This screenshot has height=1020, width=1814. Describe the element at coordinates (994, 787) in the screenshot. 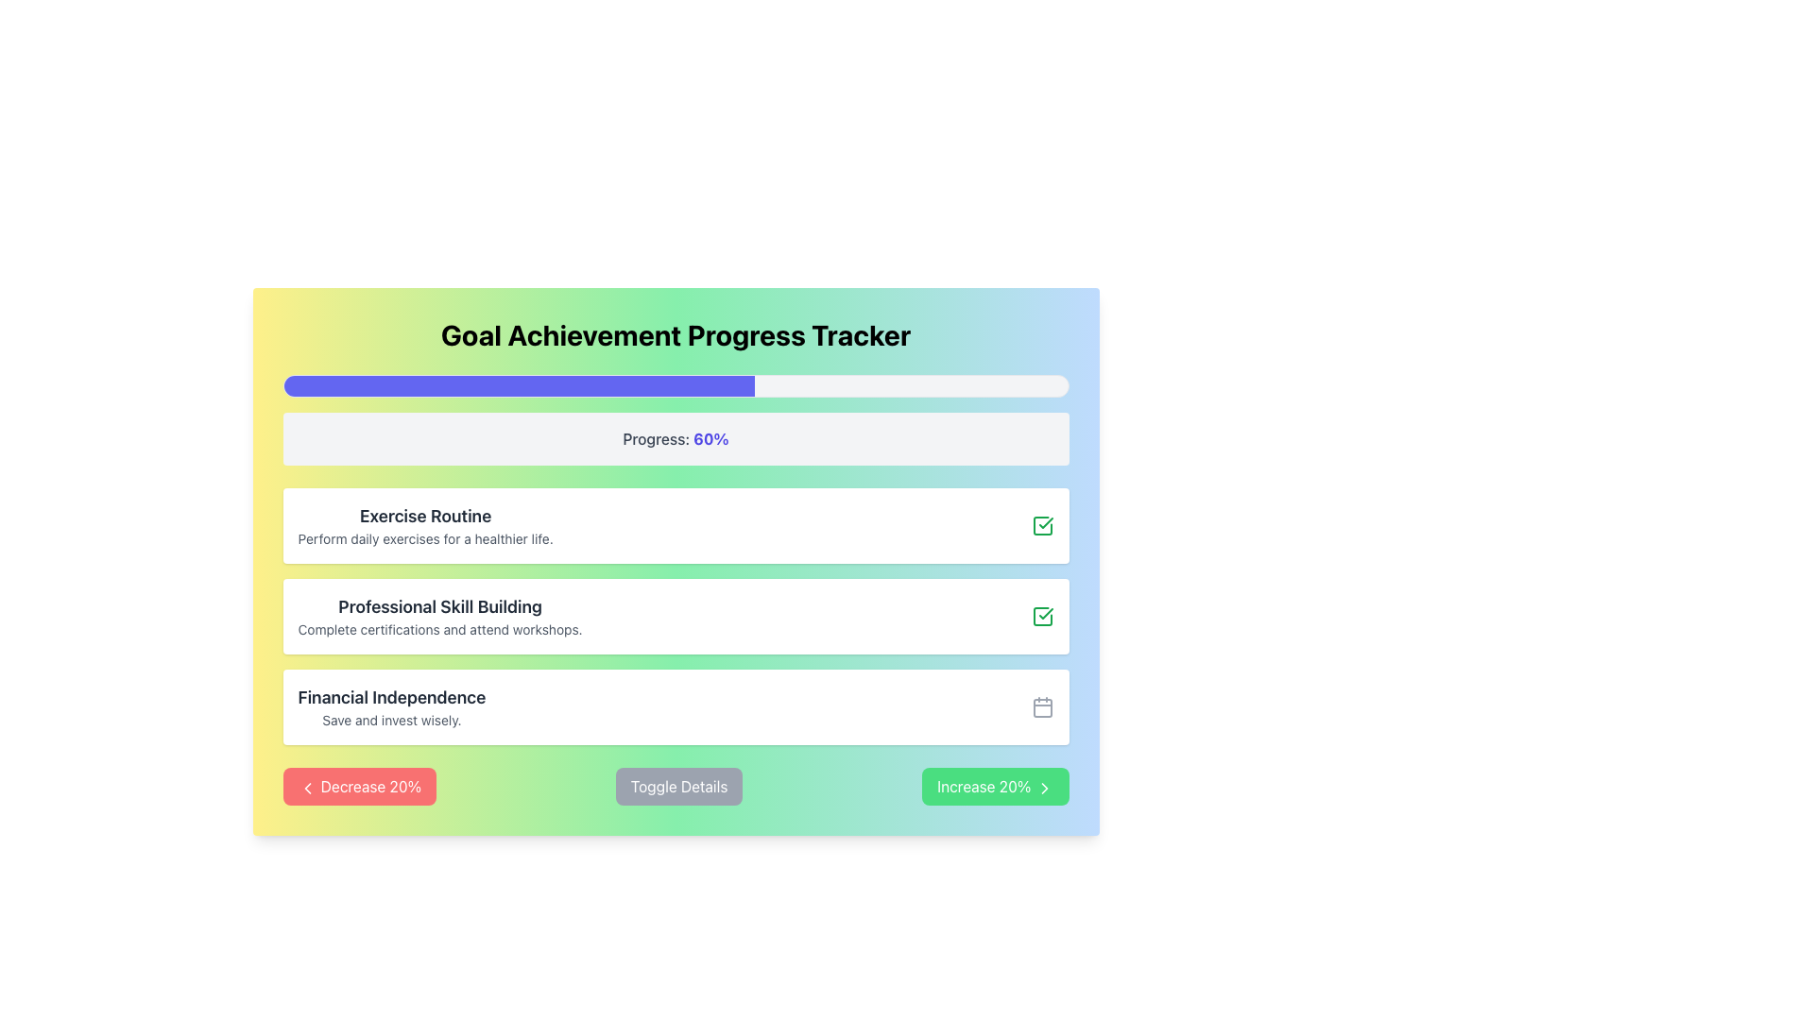

I see `the third button in the bottom-right corner of the interface` at that location.